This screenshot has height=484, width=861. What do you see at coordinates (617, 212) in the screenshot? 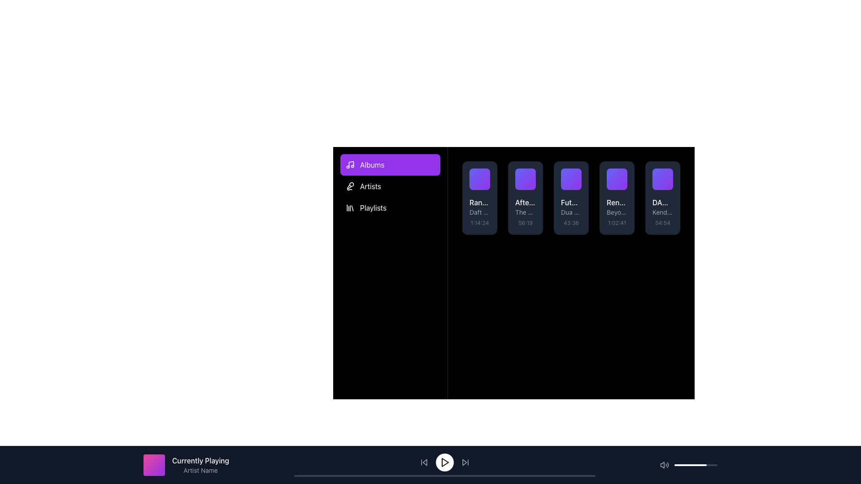
I see `the Text Label displaying 'Beyoncé', which is located centrally within the album card, beneath the title 'Renaissance' and above the timestamp '1:02:41'` at bounding box center [617, 212].